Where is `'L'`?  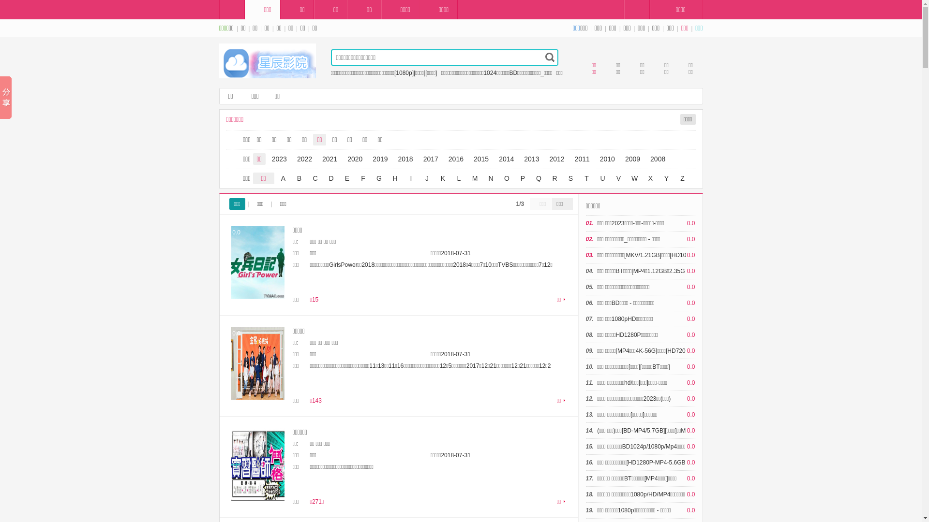 'L' is located at coordinates (458, 178).